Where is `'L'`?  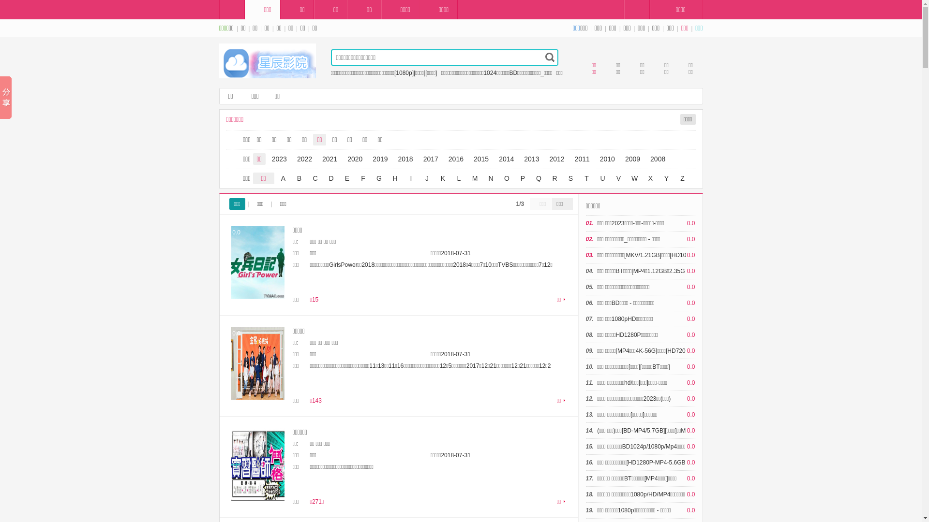 'L' is located at coordinates (458, 178).